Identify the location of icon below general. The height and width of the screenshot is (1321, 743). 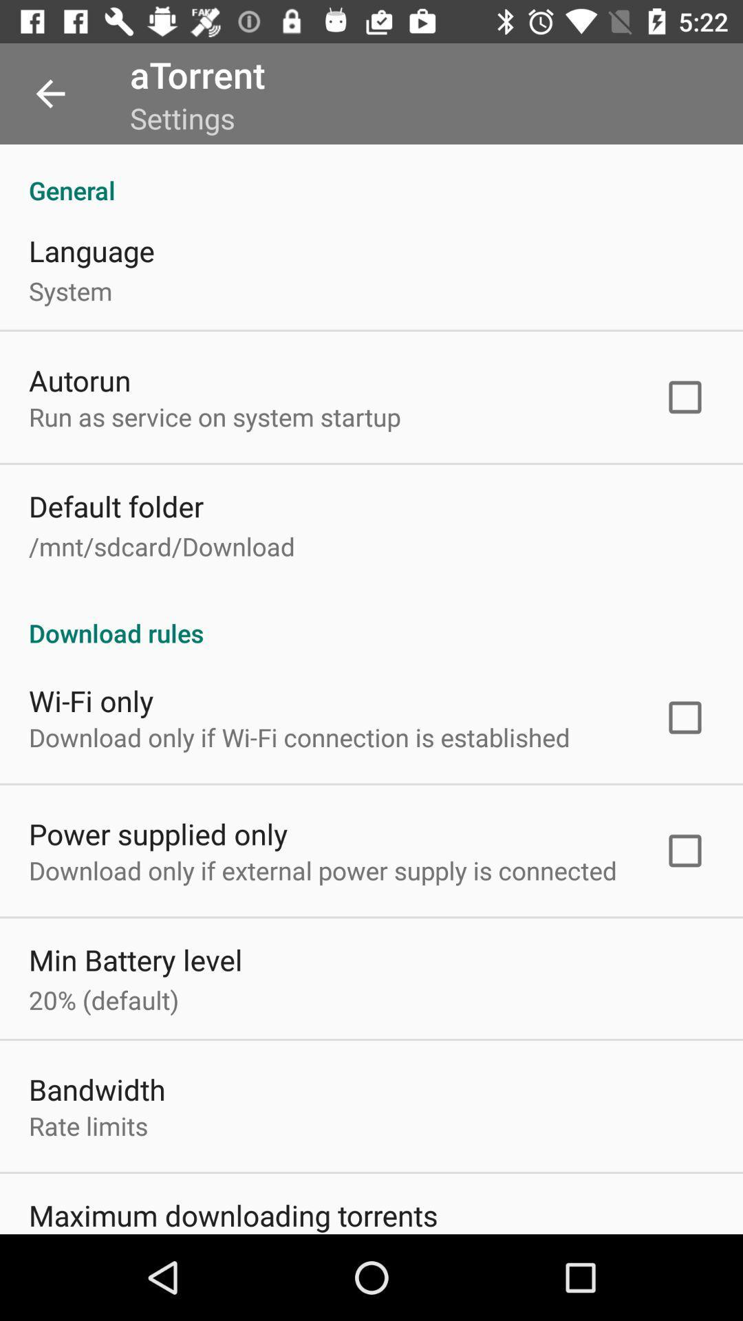
(91, 250).